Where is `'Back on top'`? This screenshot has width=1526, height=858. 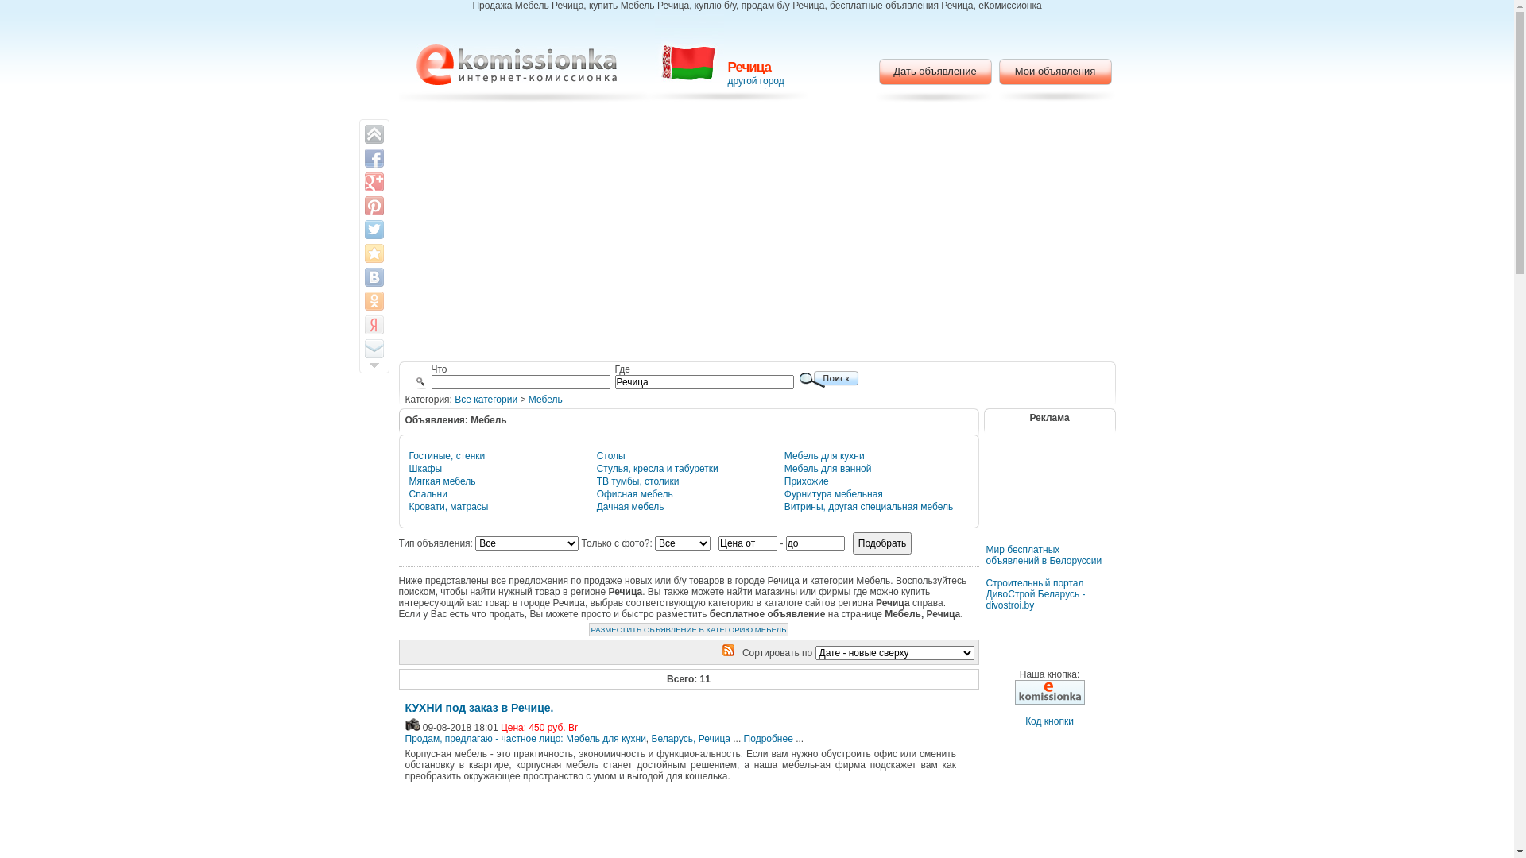
'Back on top' is located at coordinates (373, 133).